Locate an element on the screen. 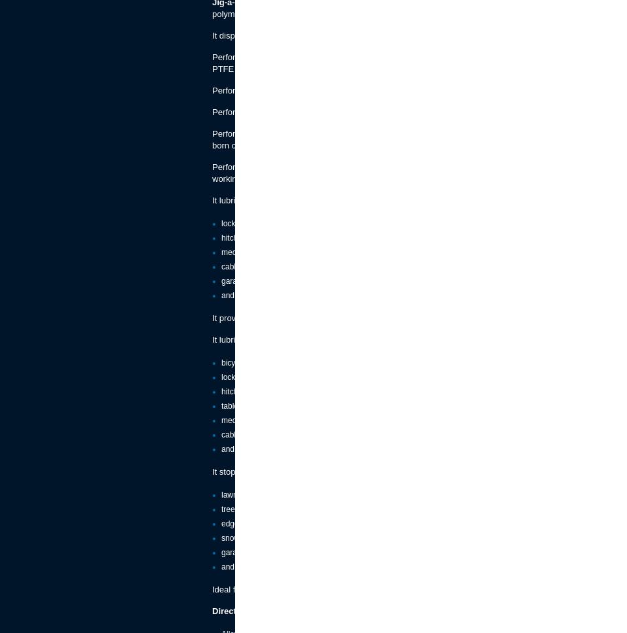  'snow blowers' is located at coordinates (244, 538).